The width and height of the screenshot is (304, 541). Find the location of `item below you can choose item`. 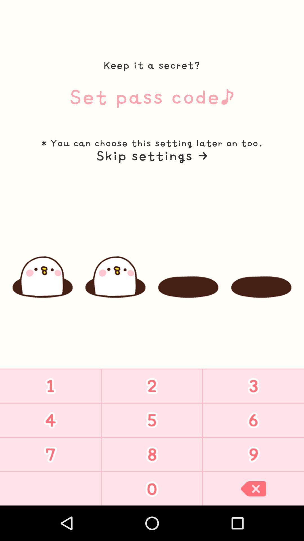

item below you can choose item is located at coordinates (151, 156).